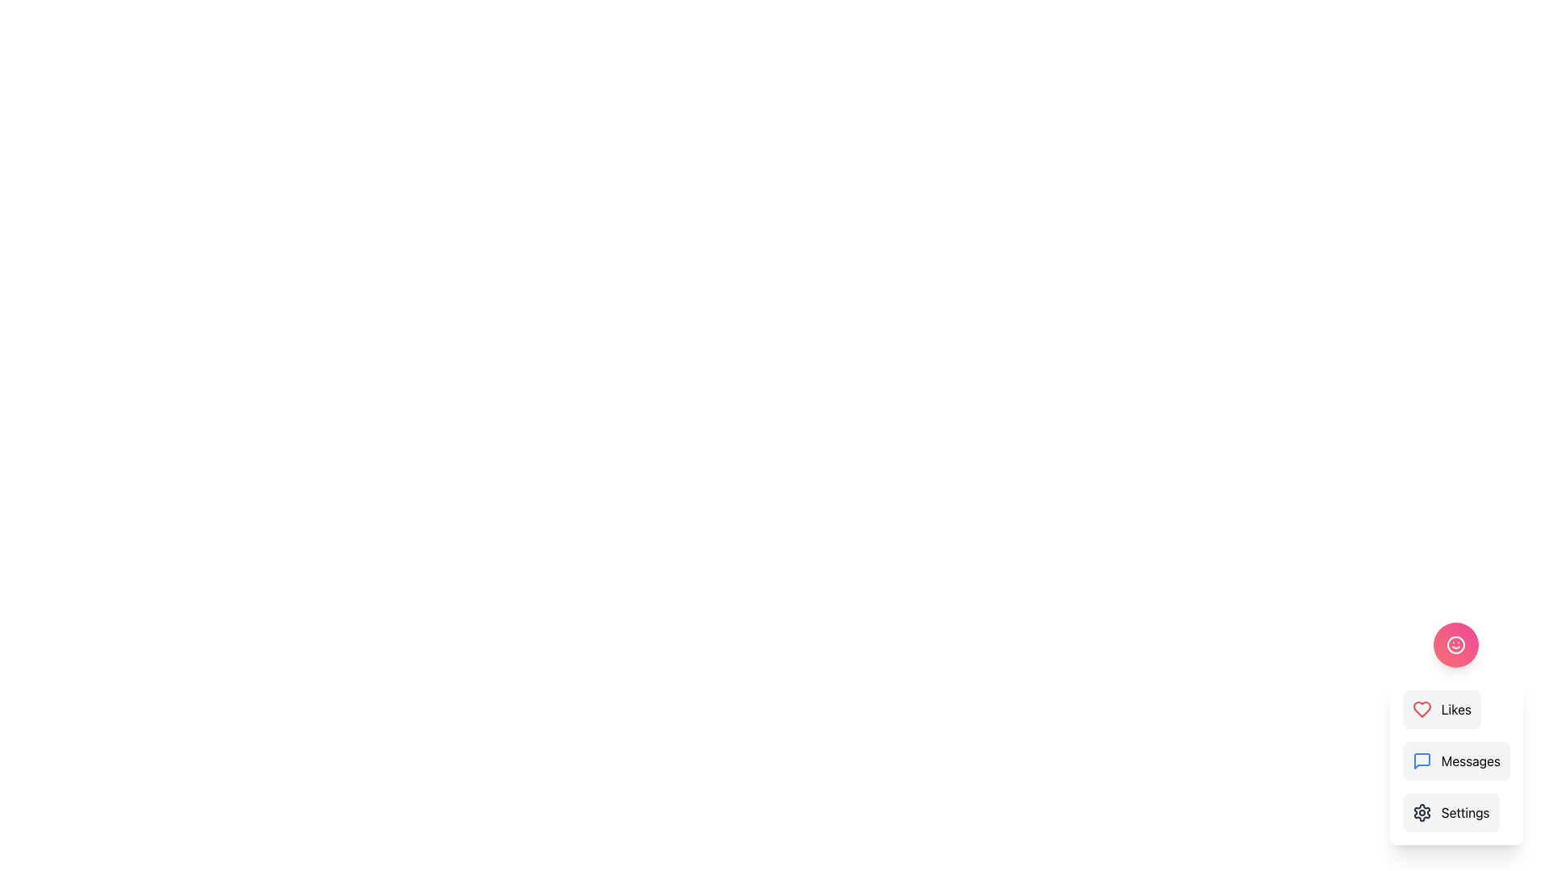  Describe the element at coordinates (1422, 761) in the screenshot. I see `the message icon, which is an outlined blue square speech bubble with rounded corners and a pointed tail, located within the 'Messages' button in the bottom-right area of the interface` at that location.